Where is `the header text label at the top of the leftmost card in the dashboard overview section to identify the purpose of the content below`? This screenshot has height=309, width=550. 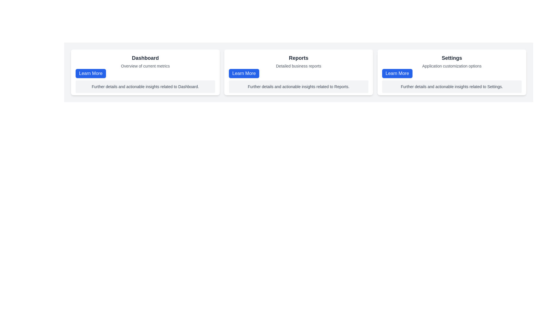 the header text label at the top of the leftmost card in the dashboard overview section to identify the purpose of the content below is located at coordinates (145, 58).